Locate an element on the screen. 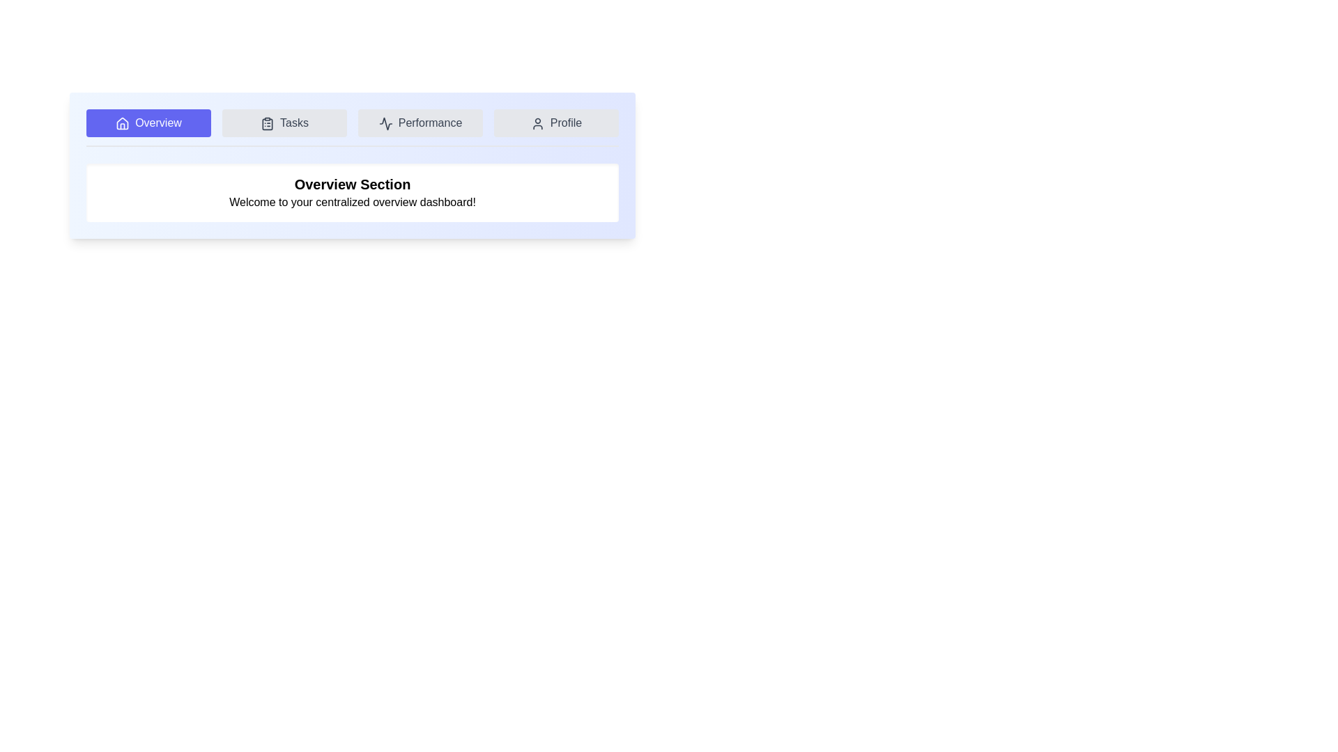 This screenshot has height=752, width=1338. the user icon located within the 'Profile' button, which is the fourth tab in the top navigation bar, characterized by a circular head and a curved line suggesting shoulders is located at coordinates (537, 123).